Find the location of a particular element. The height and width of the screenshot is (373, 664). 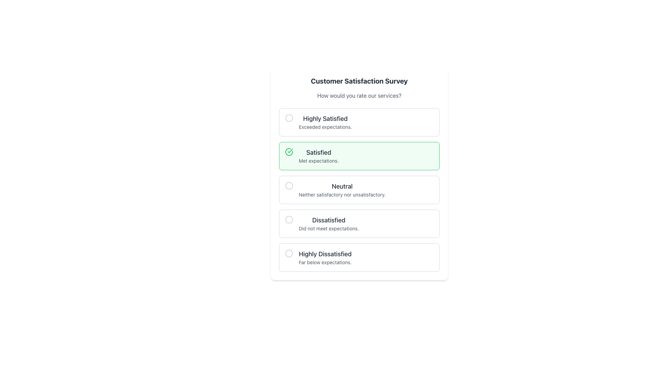

the static text label displaying 'Exceeded expectations.' which is located below 'Highly Satisfied' in the first option of the customer satisfaction survey form is located at coordinates (325, 127).